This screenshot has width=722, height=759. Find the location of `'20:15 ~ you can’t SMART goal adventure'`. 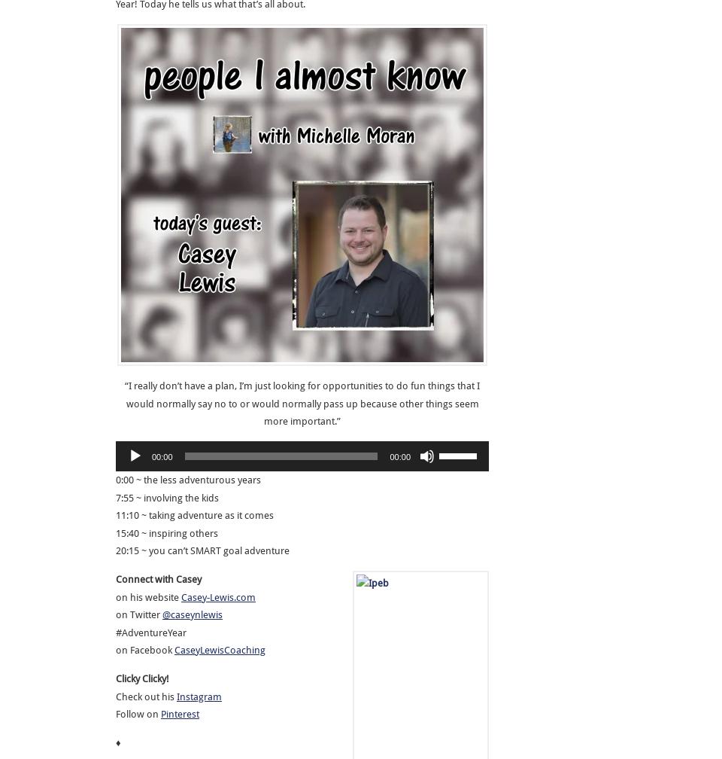

'20:15 ~ you can’t SMART goal adventure' is located at coordinates (202, 550).